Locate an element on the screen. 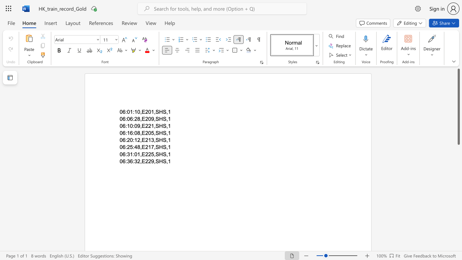 Image resolution: width=462 pixels, height=260 pixels. the vertical scrollbar to lower the page content is located at coordinates (458, 155).